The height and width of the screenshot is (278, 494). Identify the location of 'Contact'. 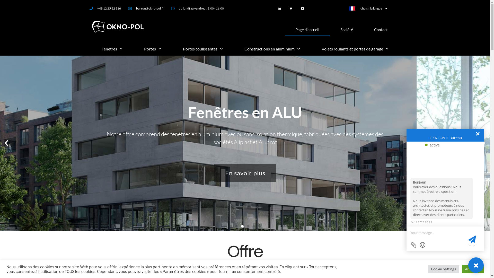
(381, 30).